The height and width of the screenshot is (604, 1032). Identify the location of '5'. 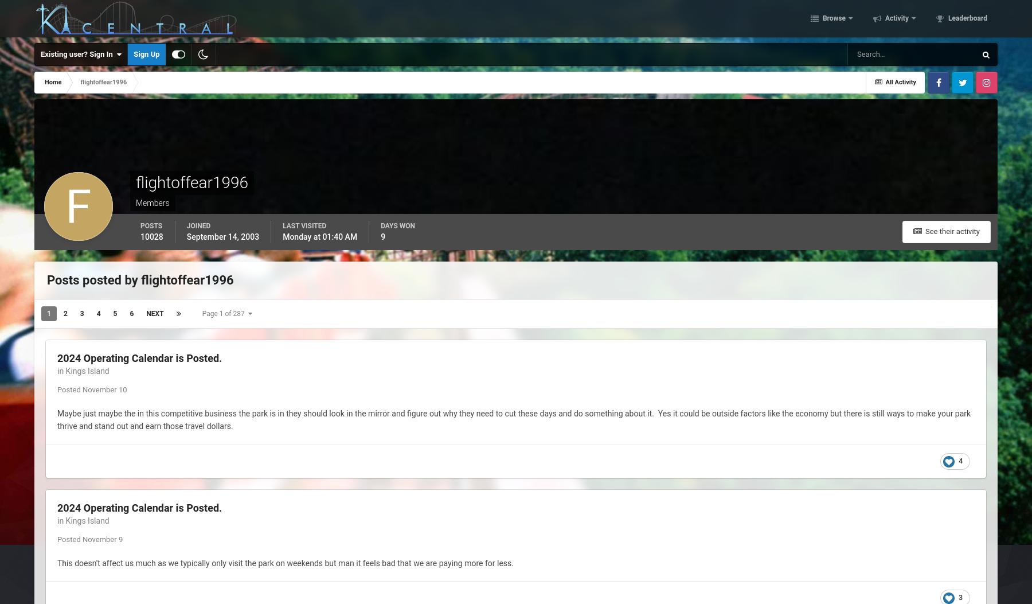
(115, 313).